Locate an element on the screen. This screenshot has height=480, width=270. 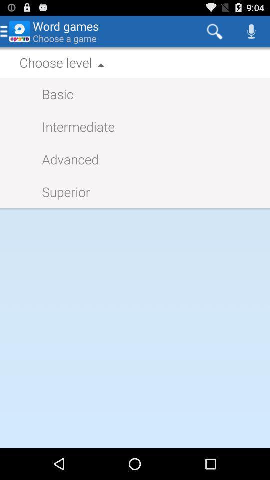
icon to the right of word games is located at coordinates (214, 31).